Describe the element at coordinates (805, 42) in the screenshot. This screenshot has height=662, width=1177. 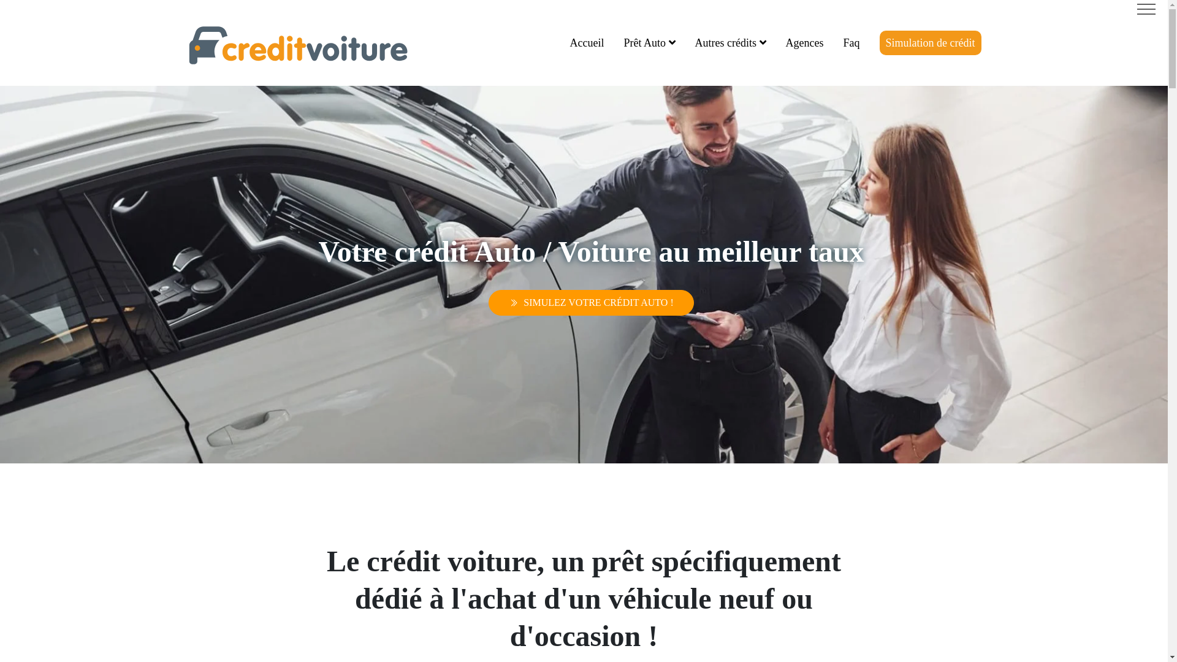
I see `'Agences'` at that location.